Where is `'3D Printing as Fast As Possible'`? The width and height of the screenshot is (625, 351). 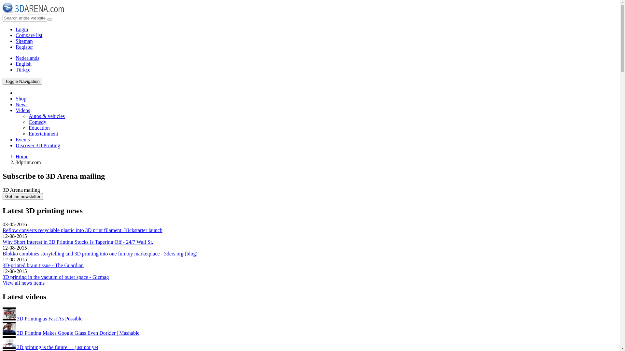
'3D Printing as Fast As Possible' is located at coordinates (3, 318).